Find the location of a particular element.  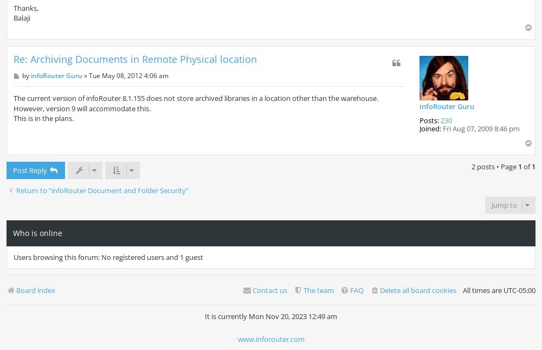

'The team' is located at coordinates (318, 290).